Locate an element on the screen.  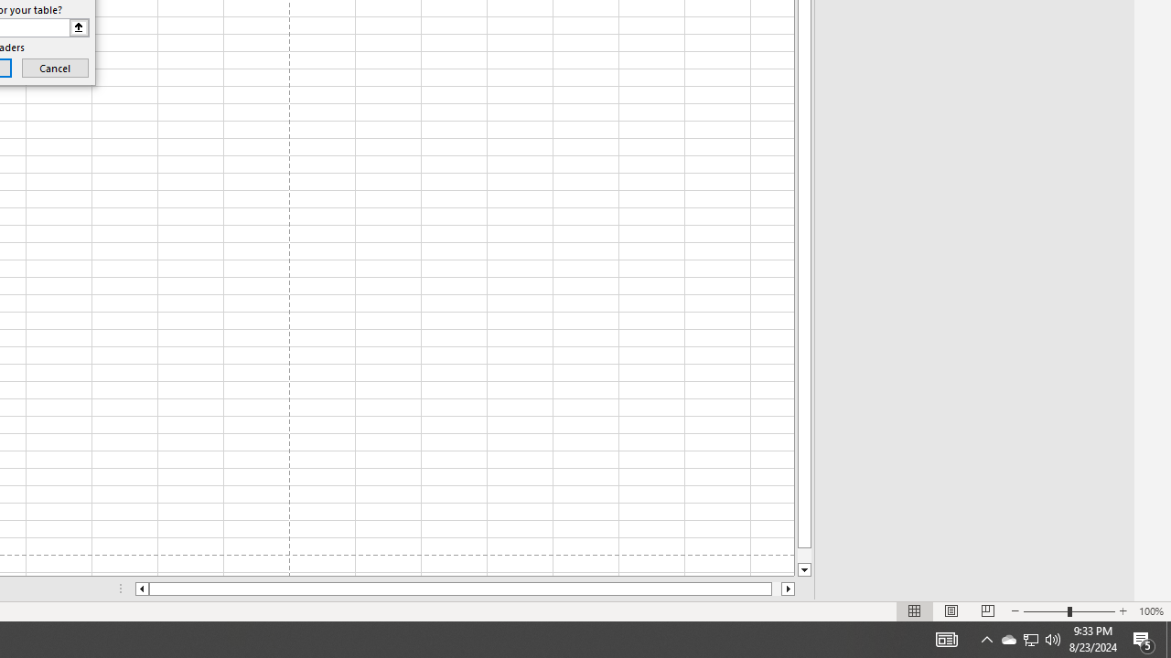
'Column right' is located at coordinates (789, 589).